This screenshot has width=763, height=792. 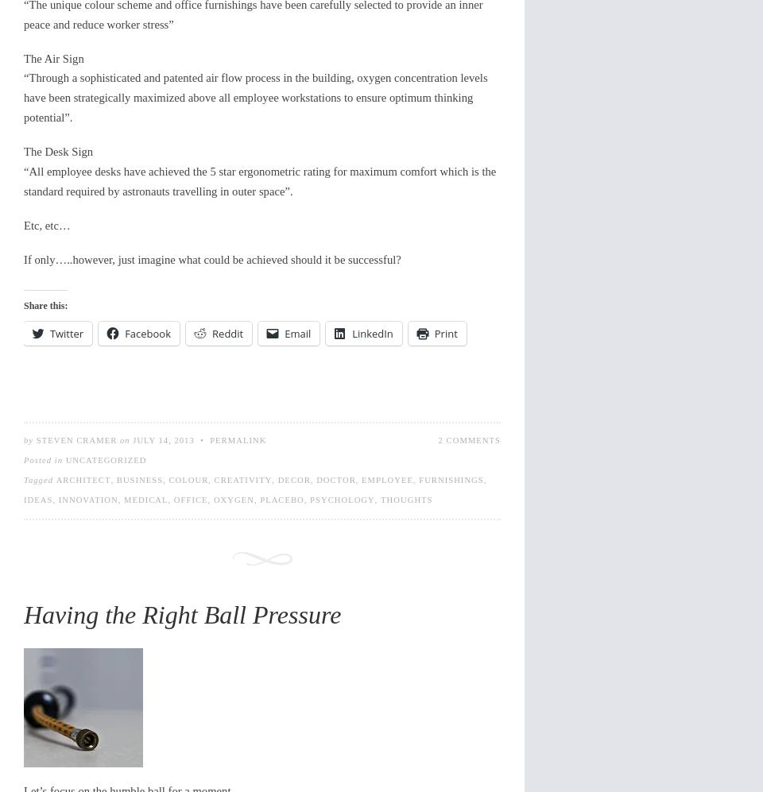 What do you see at coordinates (342, 498) in the screenshot?
I see `'psychology'` at bounding box center [342, 498].